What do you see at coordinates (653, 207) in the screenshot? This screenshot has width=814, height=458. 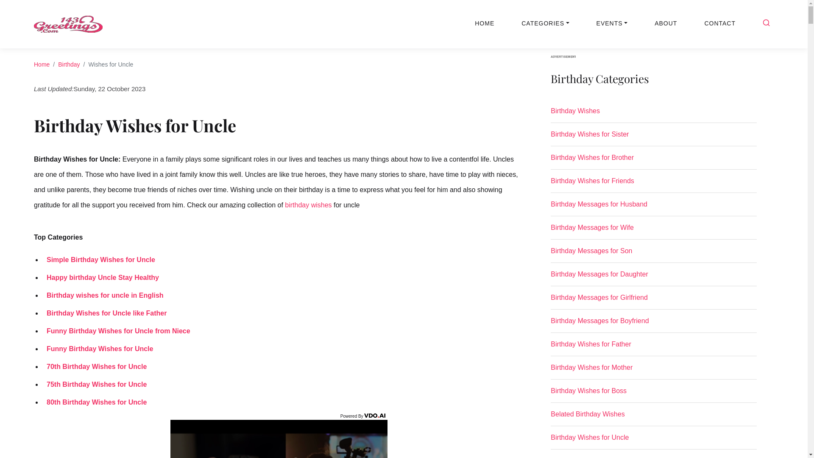 I see `'Birthday Messages for Husband'` at bounding box center [653, 207].